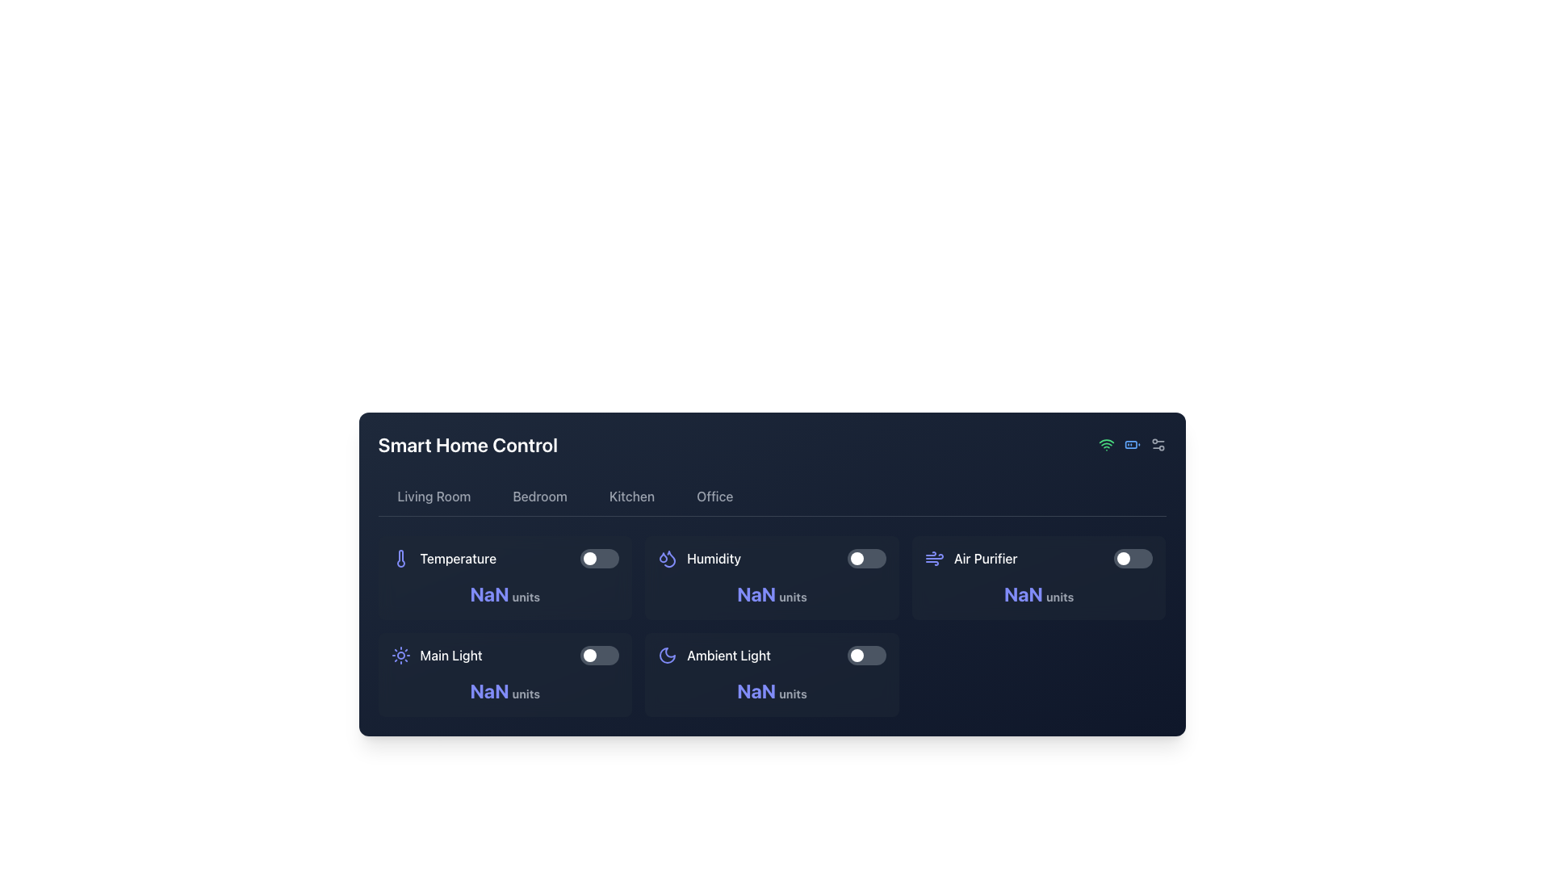  What do you see at coordinates (1039, 557) in the screenshot?
I see `the toggle switch labeled 'Air Purifier' in the top-right corner of the control card to change its state` at bounding box center [1039, 557].